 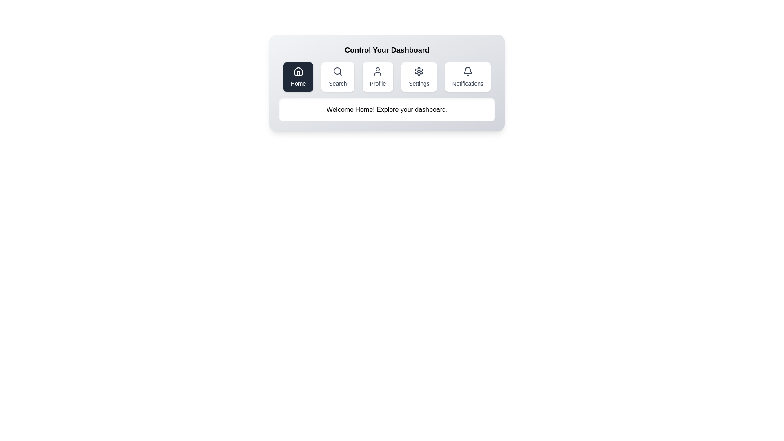 I want to click on the first button in the navigation menu bar, which redirects the user to the home or dashboard page of the application, so click(x=298, y=77).